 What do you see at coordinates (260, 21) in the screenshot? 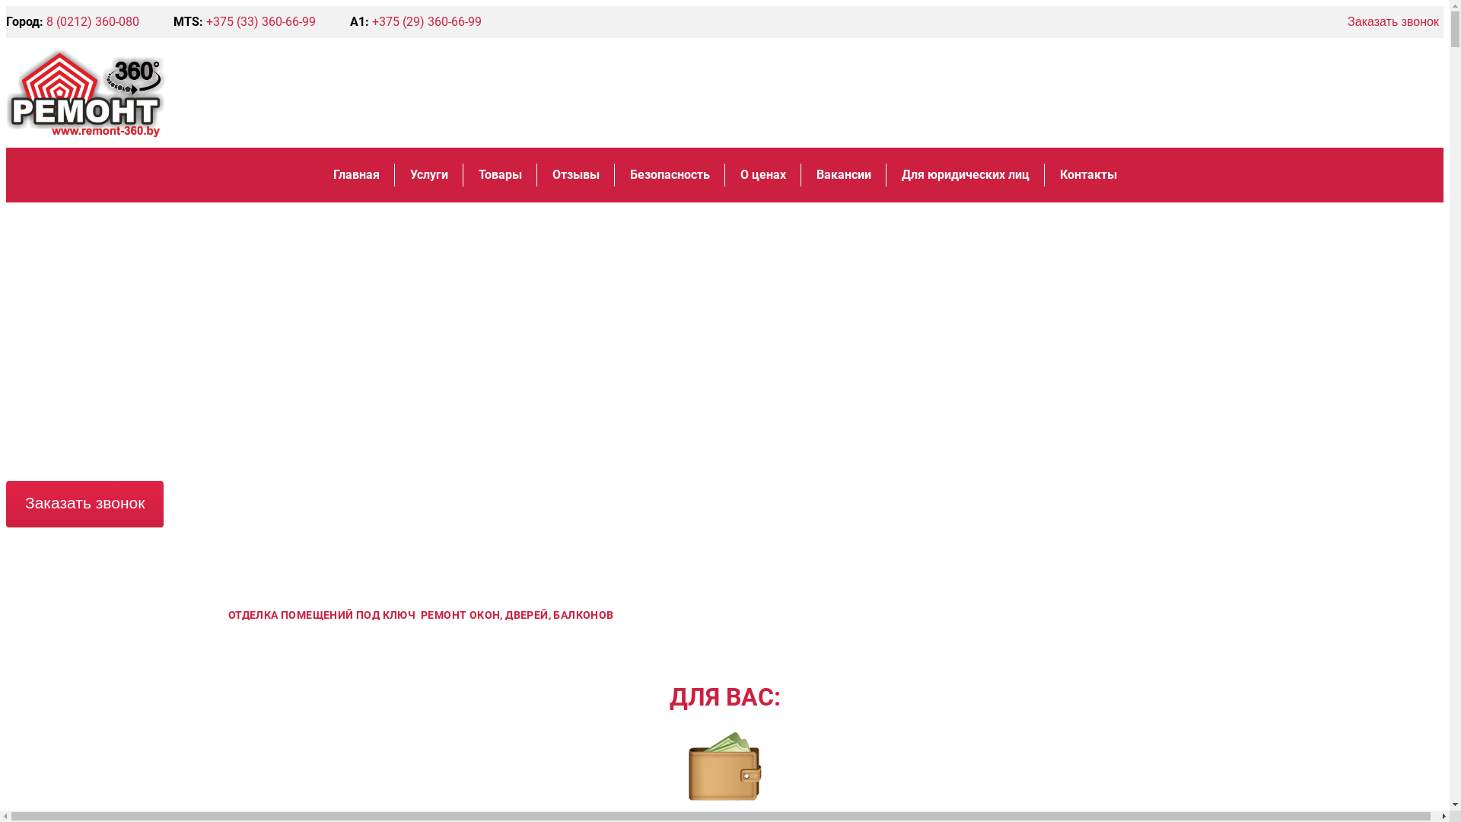
I see `'+375 (33) 360-66-99'` at bounding box center [260, 21].